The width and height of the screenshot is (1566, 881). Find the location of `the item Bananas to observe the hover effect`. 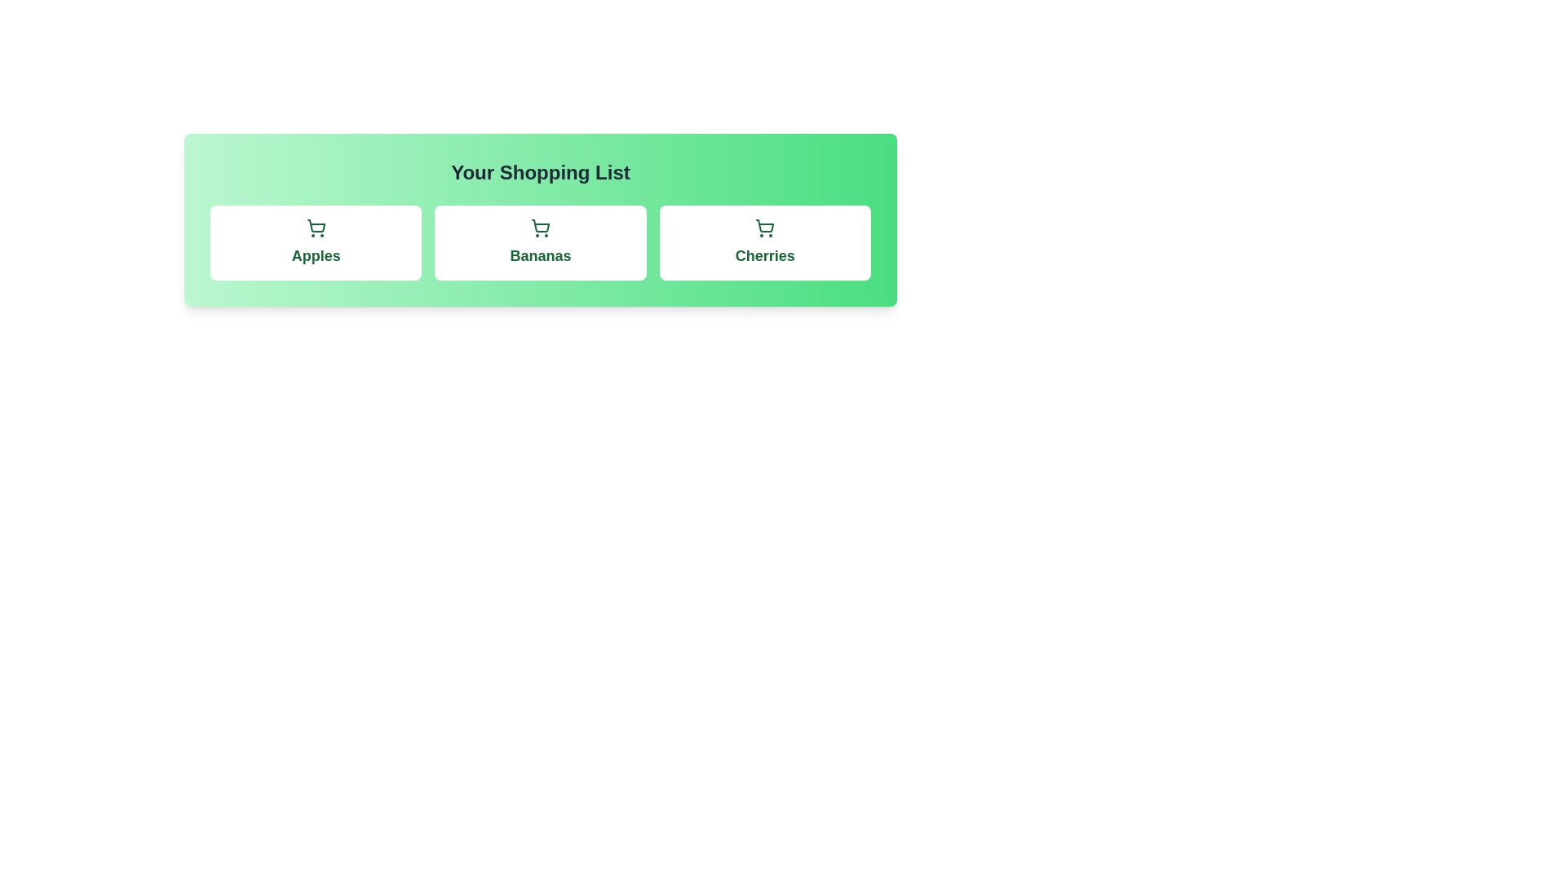

the item Bananas to observe the hover effect is located at coordinates (540, 242).